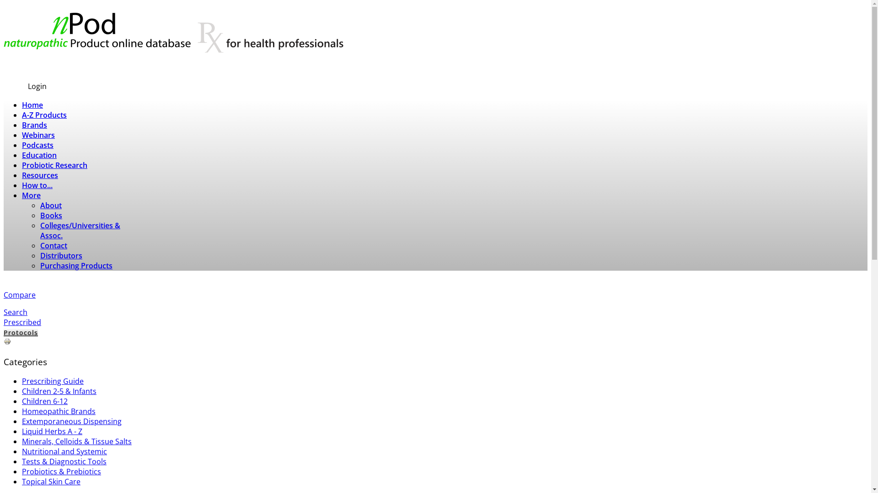  What do you see at coordinates (59, 390) in the screenshot?
I see `'Children 2-5 & Infants'` at bounding box center [59, 390].